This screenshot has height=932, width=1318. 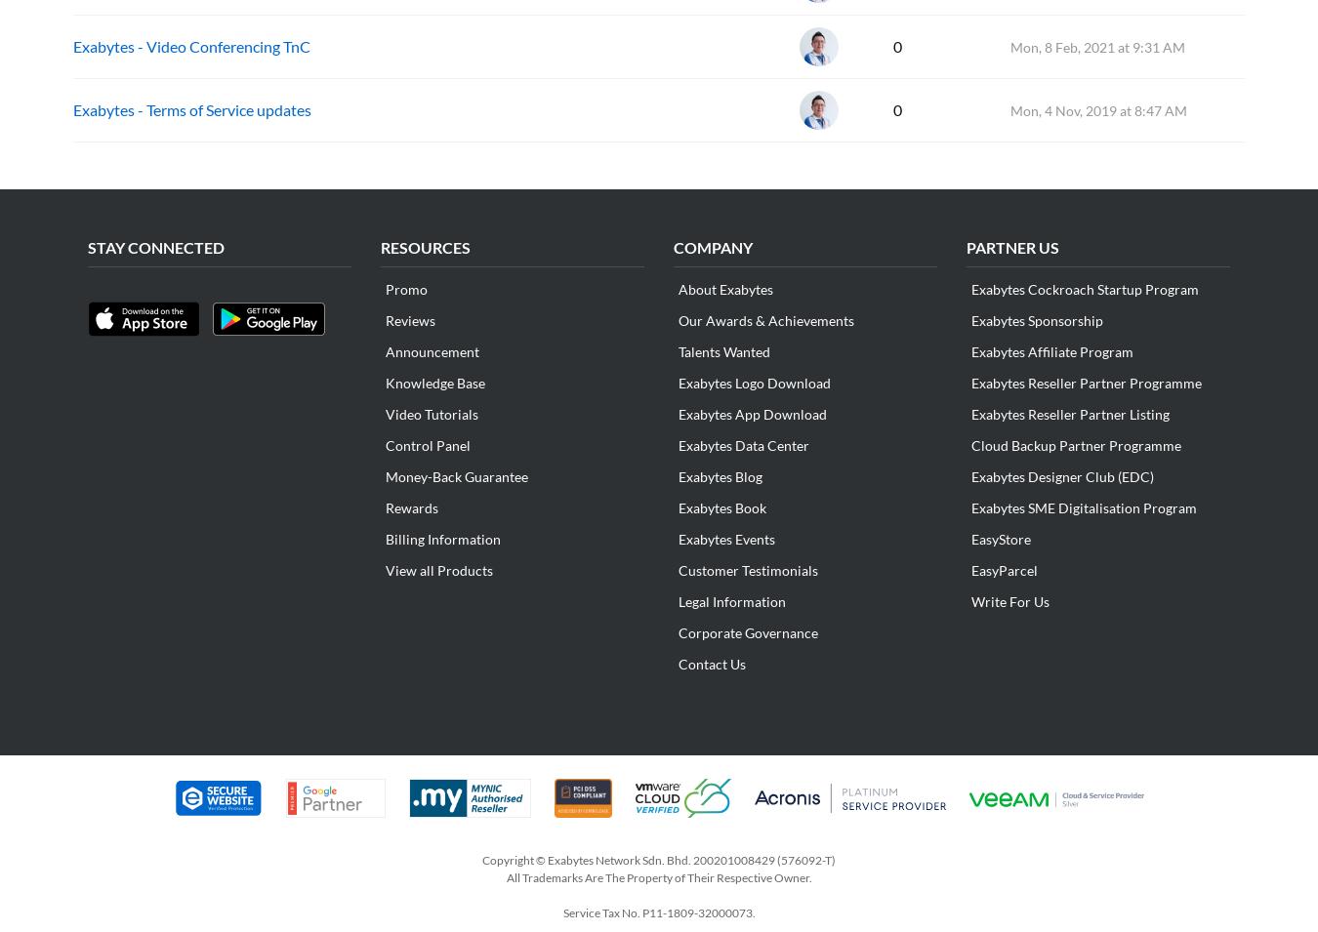 What do you see at coordinates (386, 413) in the screenshot?
I see `'Video Tutorials'` at bounding box center [386, 413].